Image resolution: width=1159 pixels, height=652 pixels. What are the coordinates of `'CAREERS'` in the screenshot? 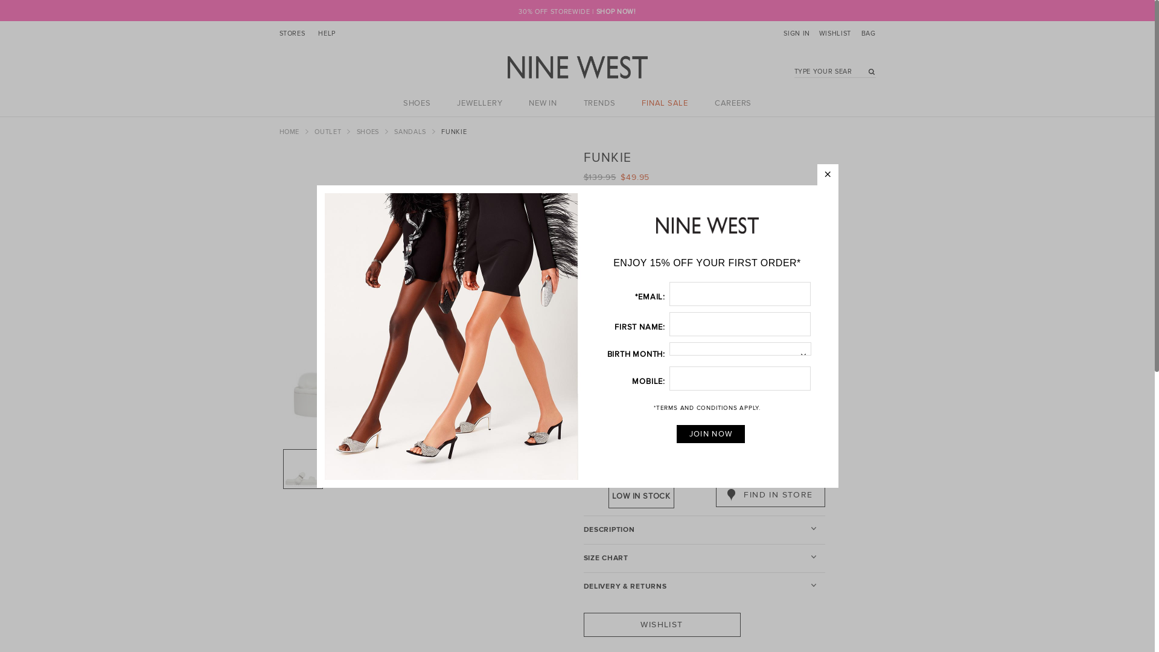 It's located at (732, 102).